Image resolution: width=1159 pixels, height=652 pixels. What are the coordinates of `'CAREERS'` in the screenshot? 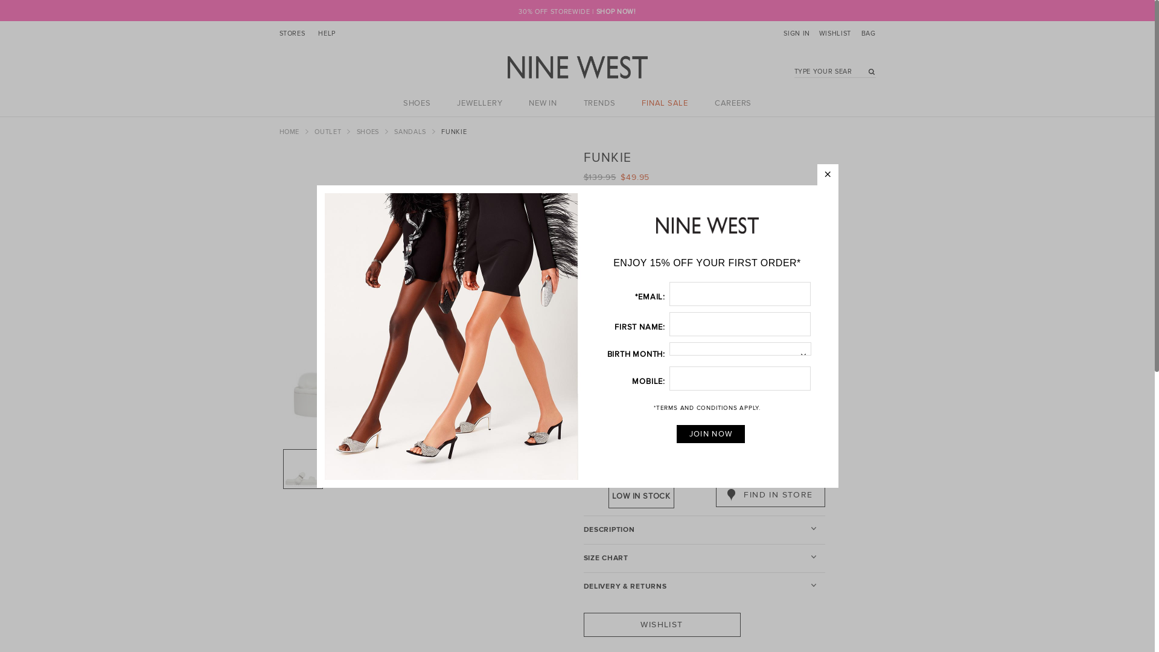 It's located at (732, 102).